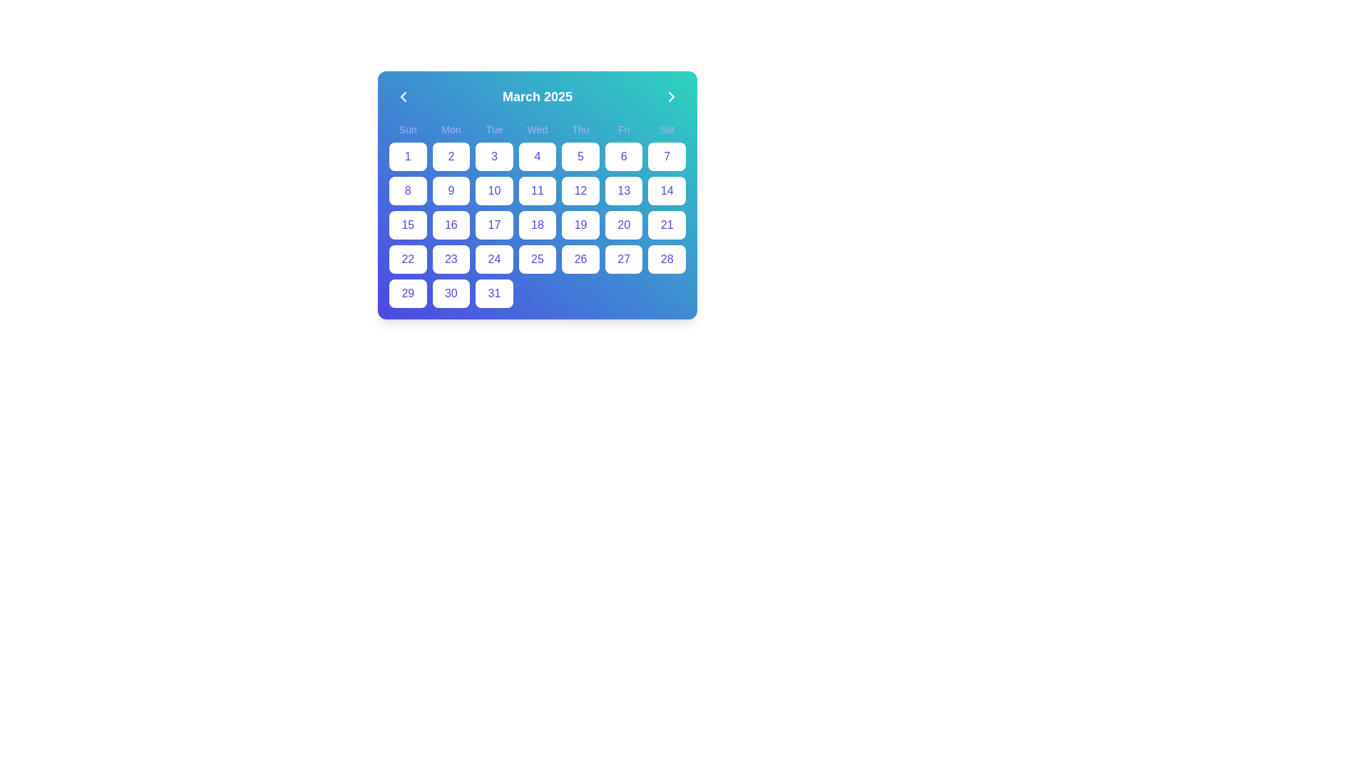 This screenshot has height=770, width=1369. What do you see at coordinates (494, 190) in the screenshot?
I see `the button representing the 10th day of the month in the calendar, located in the fourth column under the 'Tue' header` at bounding box center [494, 190].